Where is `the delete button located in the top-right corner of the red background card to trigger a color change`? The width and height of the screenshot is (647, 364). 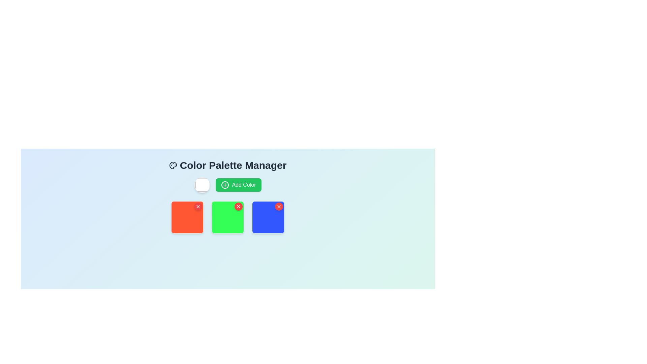
the delete button located in the top-right corner of the red background card to trigger a color change is located at coordinates (198, 206).